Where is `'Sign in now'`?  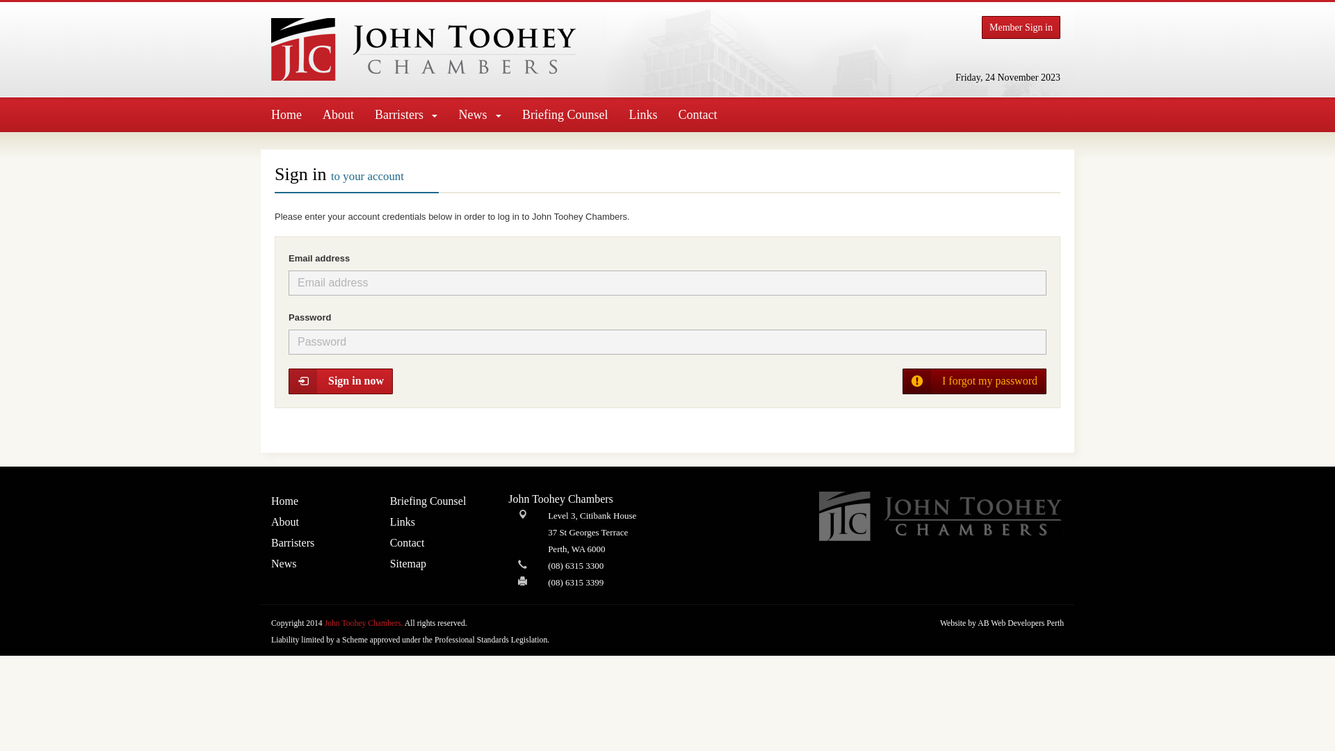 'Sign in now' is located at coordinates (340, 381).